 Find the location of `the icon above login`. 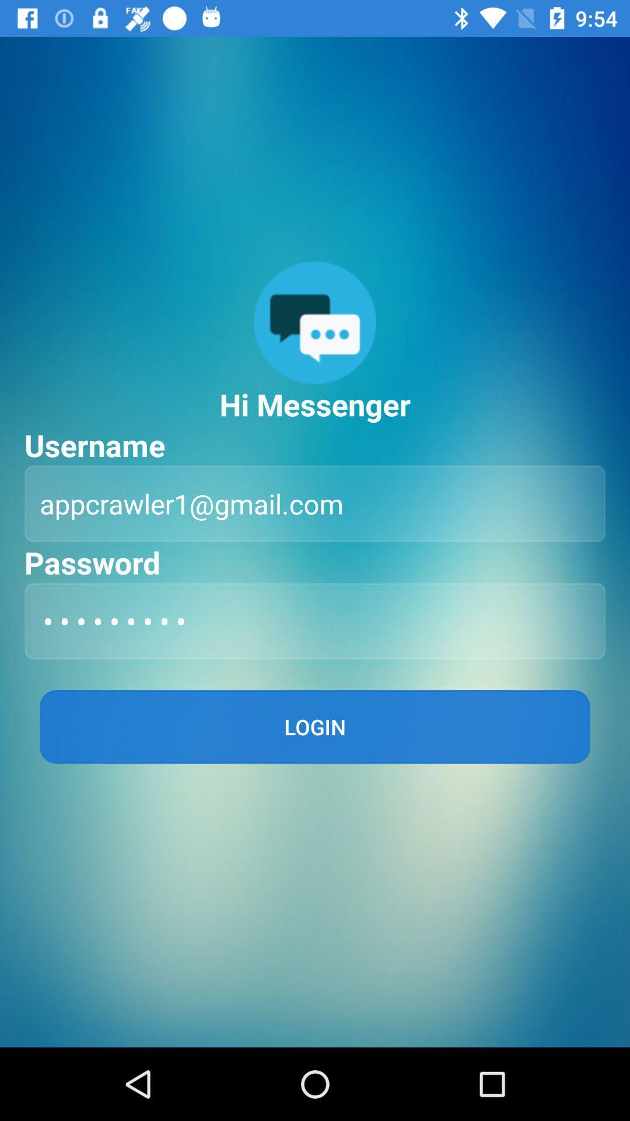

the icon above login is located at coordinates (315, 620).